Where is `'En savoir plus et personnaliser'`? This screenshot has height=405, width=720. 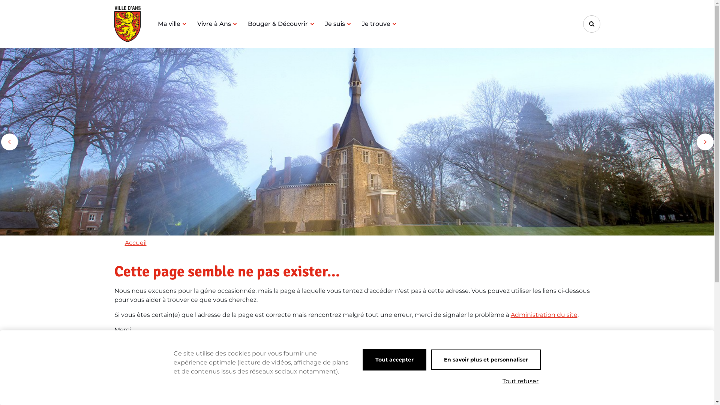
'En savoir plus et personnaliser' is located at coordinates (486, 359).